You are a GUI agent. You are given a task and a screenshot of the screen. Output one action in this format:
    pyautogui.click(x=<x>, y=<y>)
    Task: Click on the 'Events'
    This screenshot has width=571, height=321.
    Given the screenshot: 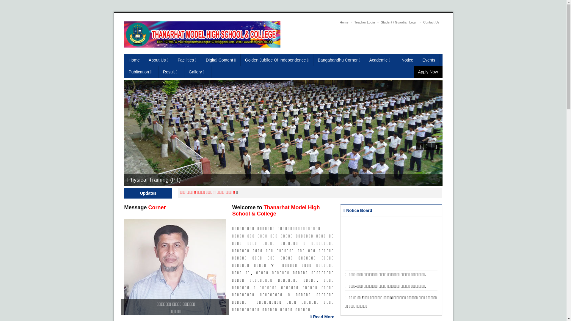 What is the action you would take?
    pyautogui.click(x=429, y=60)
    